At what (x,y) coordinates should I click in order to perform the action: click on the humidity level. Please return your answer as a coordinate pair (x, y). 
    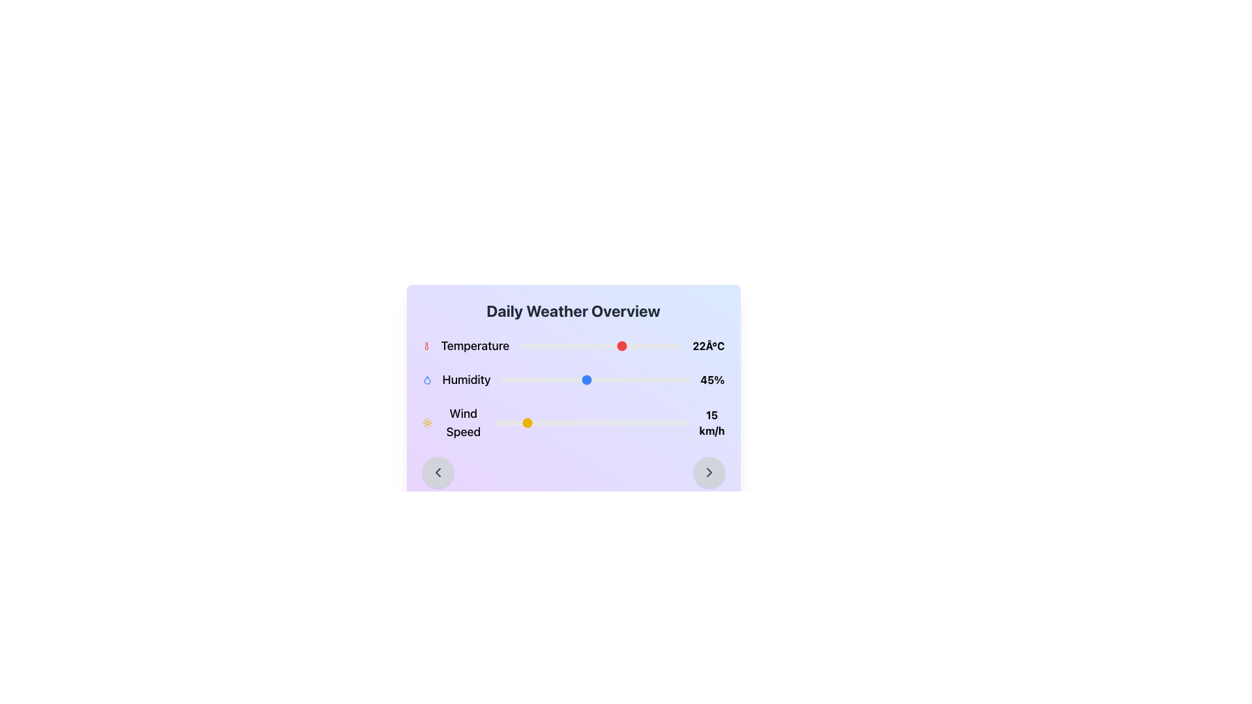
    Looking at the image, I should click on (637, 379).